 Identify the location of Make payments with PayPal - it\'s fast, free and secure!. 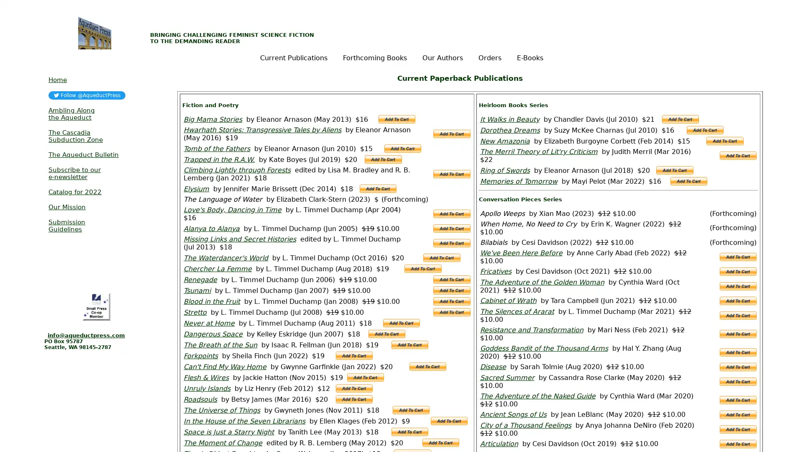
(448, 421).